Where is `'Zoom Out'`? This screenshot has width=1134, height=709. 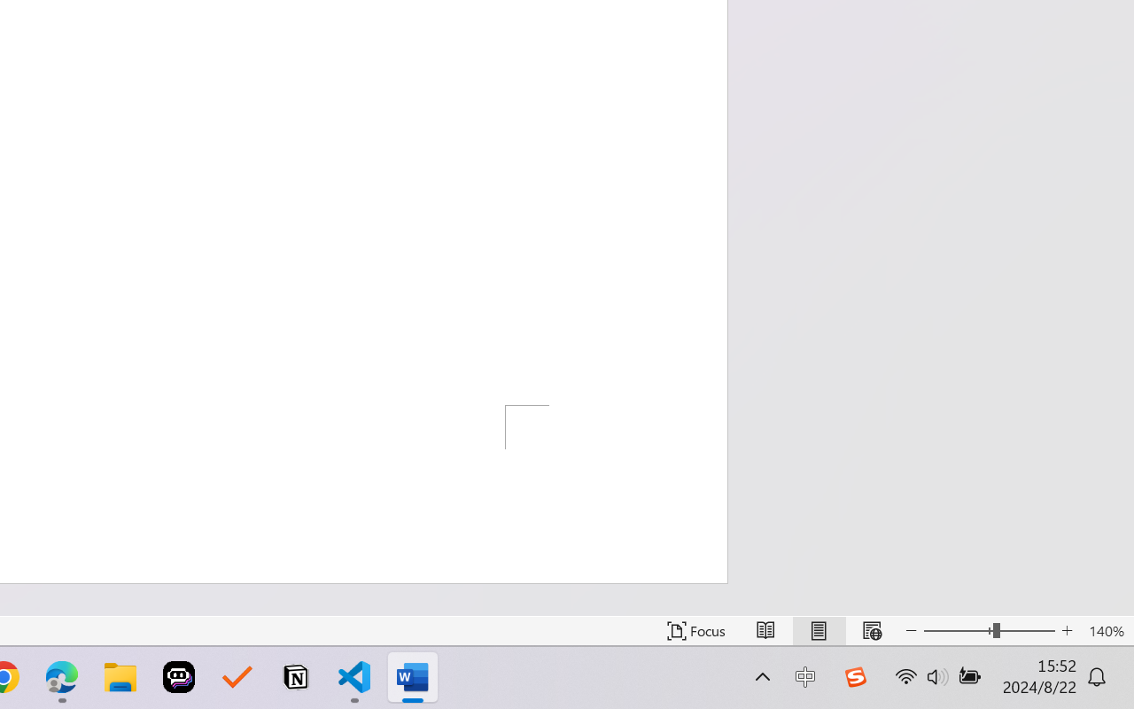 'Zoom Out' is located at coordinates (957, 630).